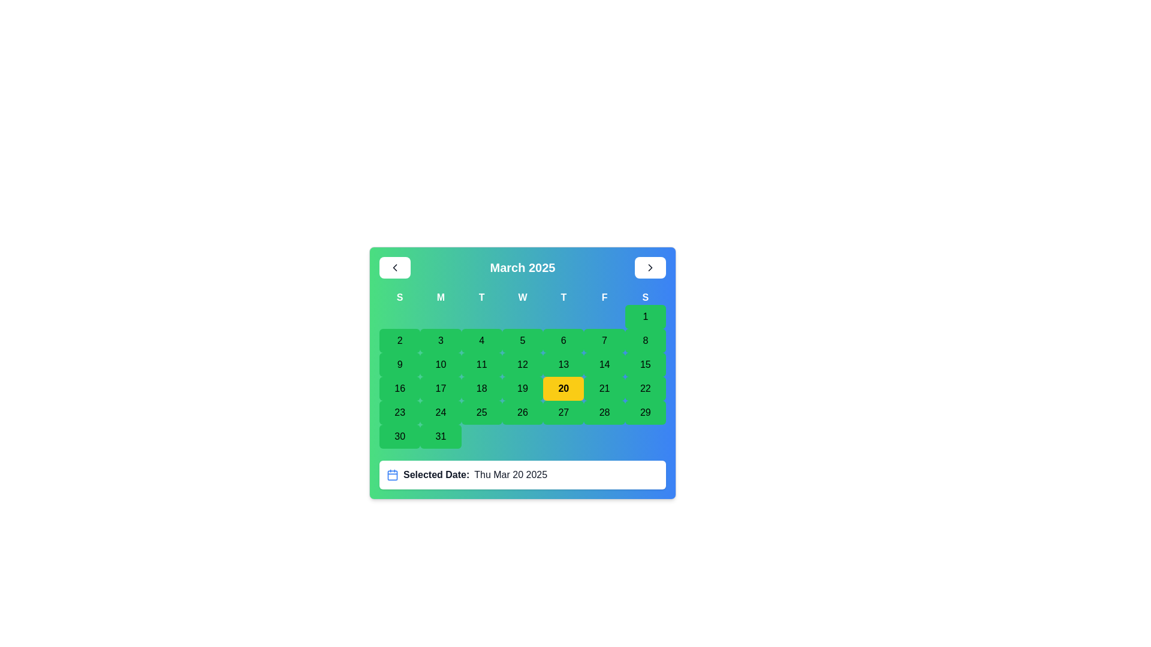 The width and height of the screenshot is (1151, 647). Describe the element at coordinates (400, 388) in the screenshot. I see `the button representing the date '16' in the March 2025 calendar to trigger hover effects` at that location.